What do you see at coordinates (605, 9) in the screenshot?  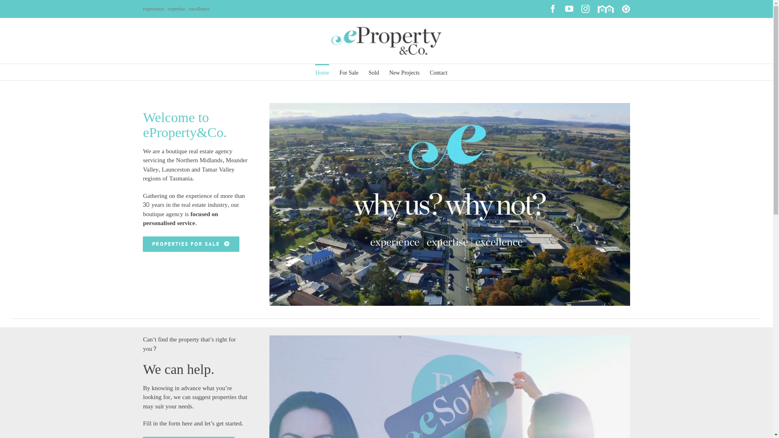 I see `'Domain'` at bounding box center [605, 9].